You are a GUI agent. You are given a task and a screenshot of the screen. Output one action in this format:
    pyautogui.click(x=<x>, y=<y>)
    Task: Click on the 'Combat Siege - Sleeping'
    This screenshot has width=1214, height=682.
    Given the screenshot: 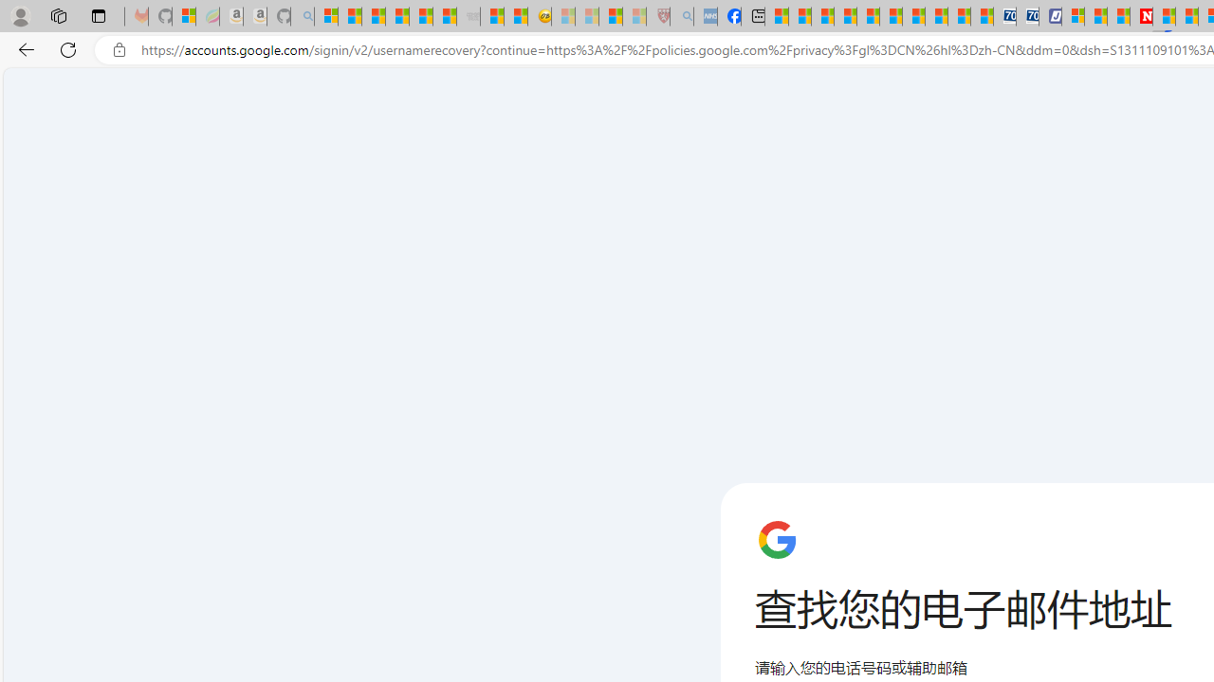 What is the action you would take?
    pyautogui.click(x=469, y=16)
    